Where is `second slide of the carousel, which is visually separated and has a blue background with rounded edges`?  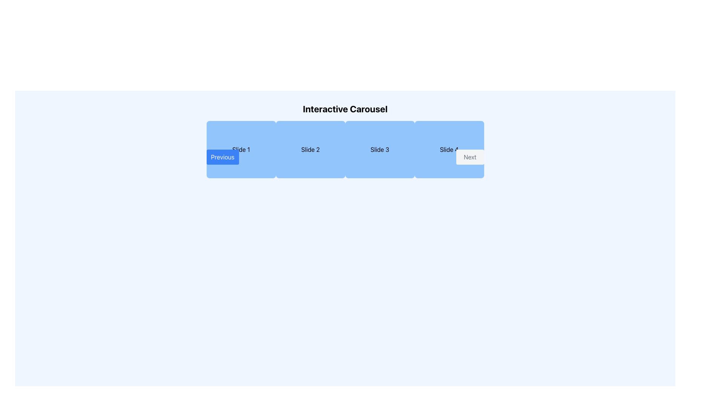 second slide of the carousel, which is visually separated and has a blue background with rounded edges is located at coordinates (345, 150).